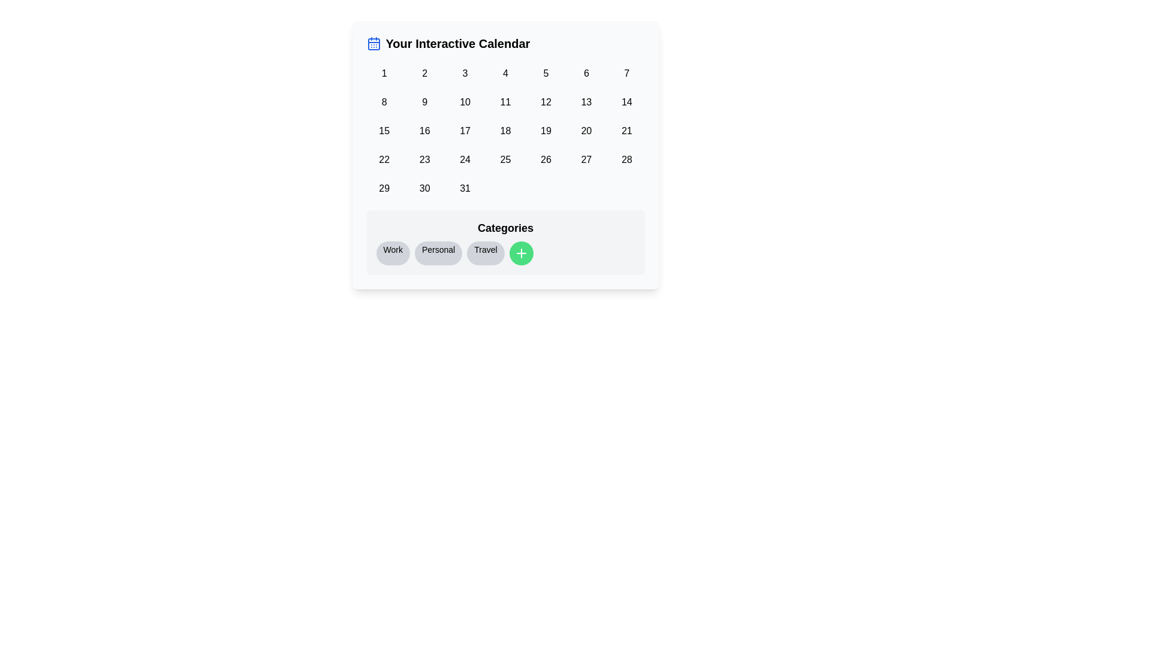 The width and height of the screenshot is (1151, 647). Describe the element at coordinates (393, 253) in the screenshot. I see `the 'Work' label in the 'Categories' section, which is a rounded rectangle with a light gray background, positioned to the left of the 'Personal' and 'Travel' buttons` at that location.